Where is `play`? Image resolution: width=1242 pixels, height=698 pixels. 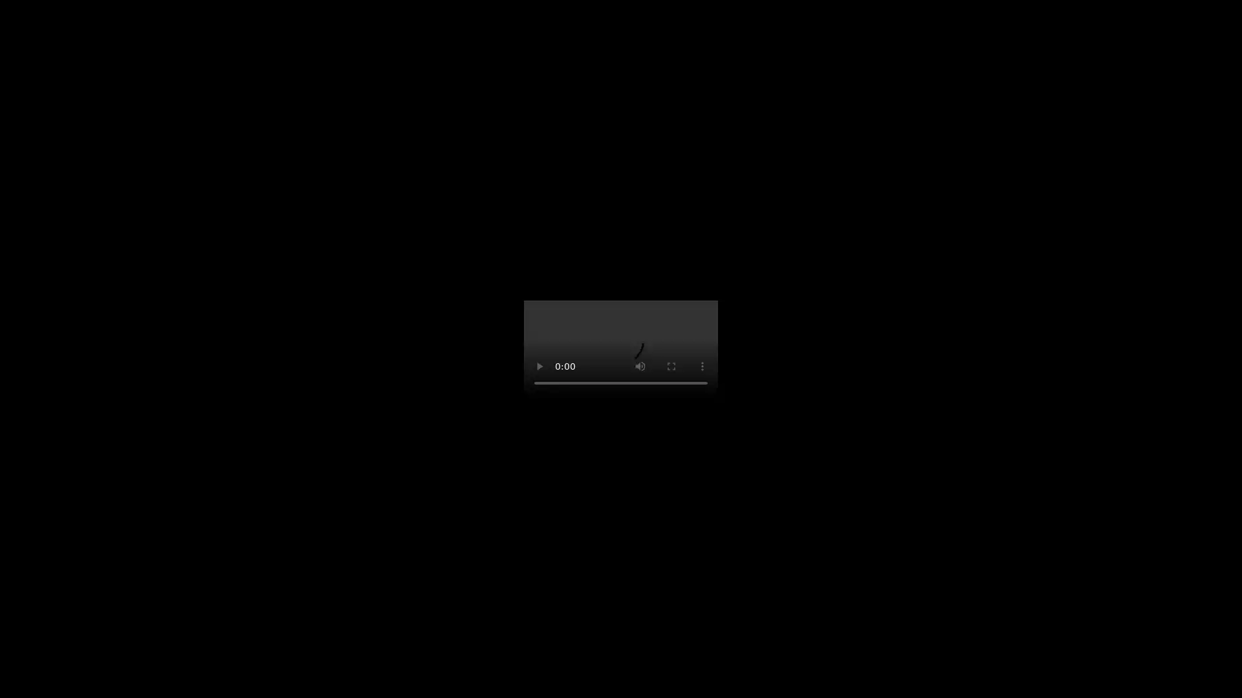 play is located at coordinates (539, 366).